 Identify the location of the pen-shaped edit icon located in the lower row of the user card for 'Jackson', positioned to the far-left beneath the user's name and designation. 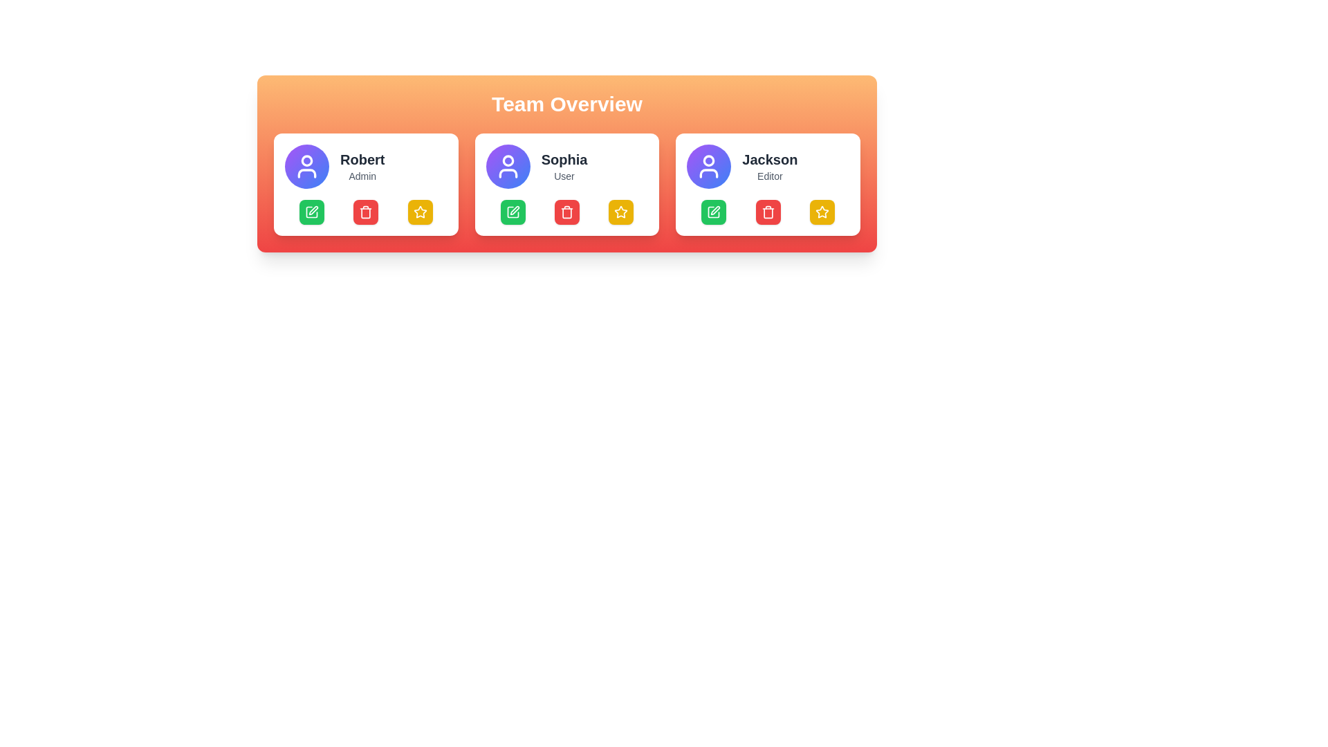
(715, 210).